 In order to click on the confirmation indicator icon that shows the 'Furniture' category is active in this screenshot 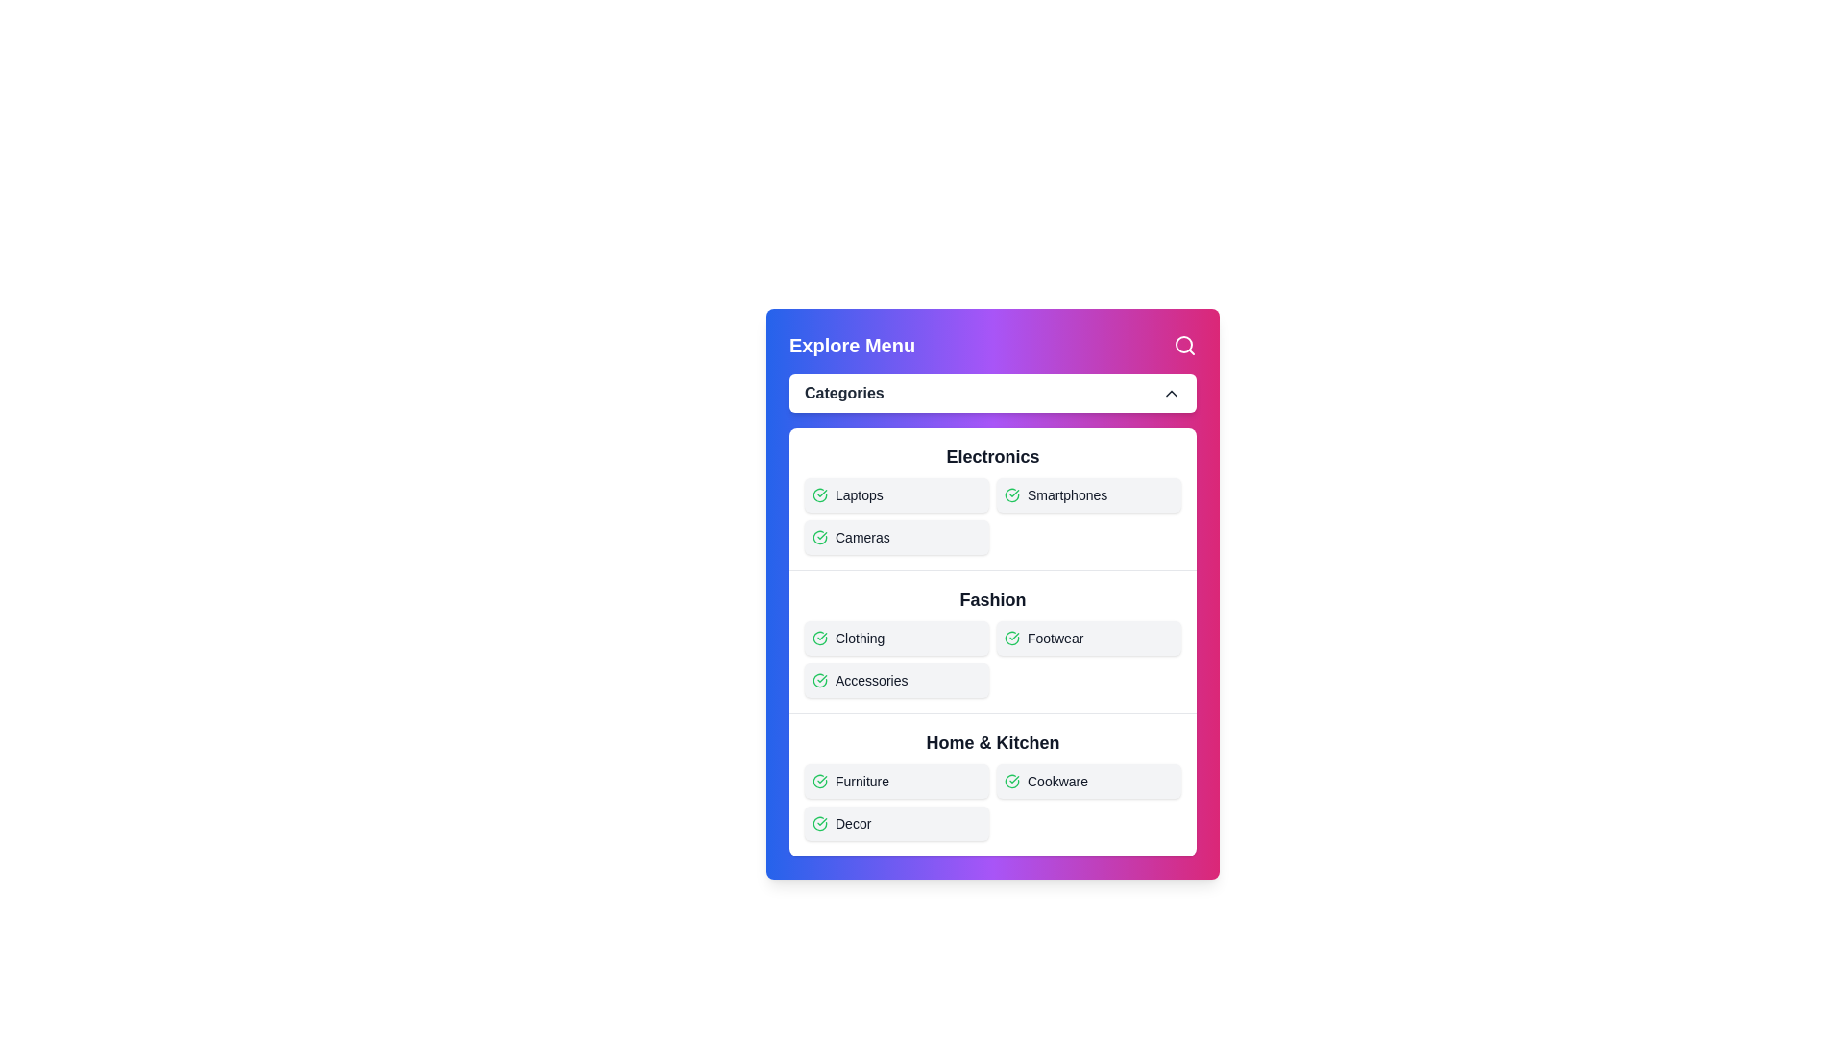, I will do `click(820, 781)`.